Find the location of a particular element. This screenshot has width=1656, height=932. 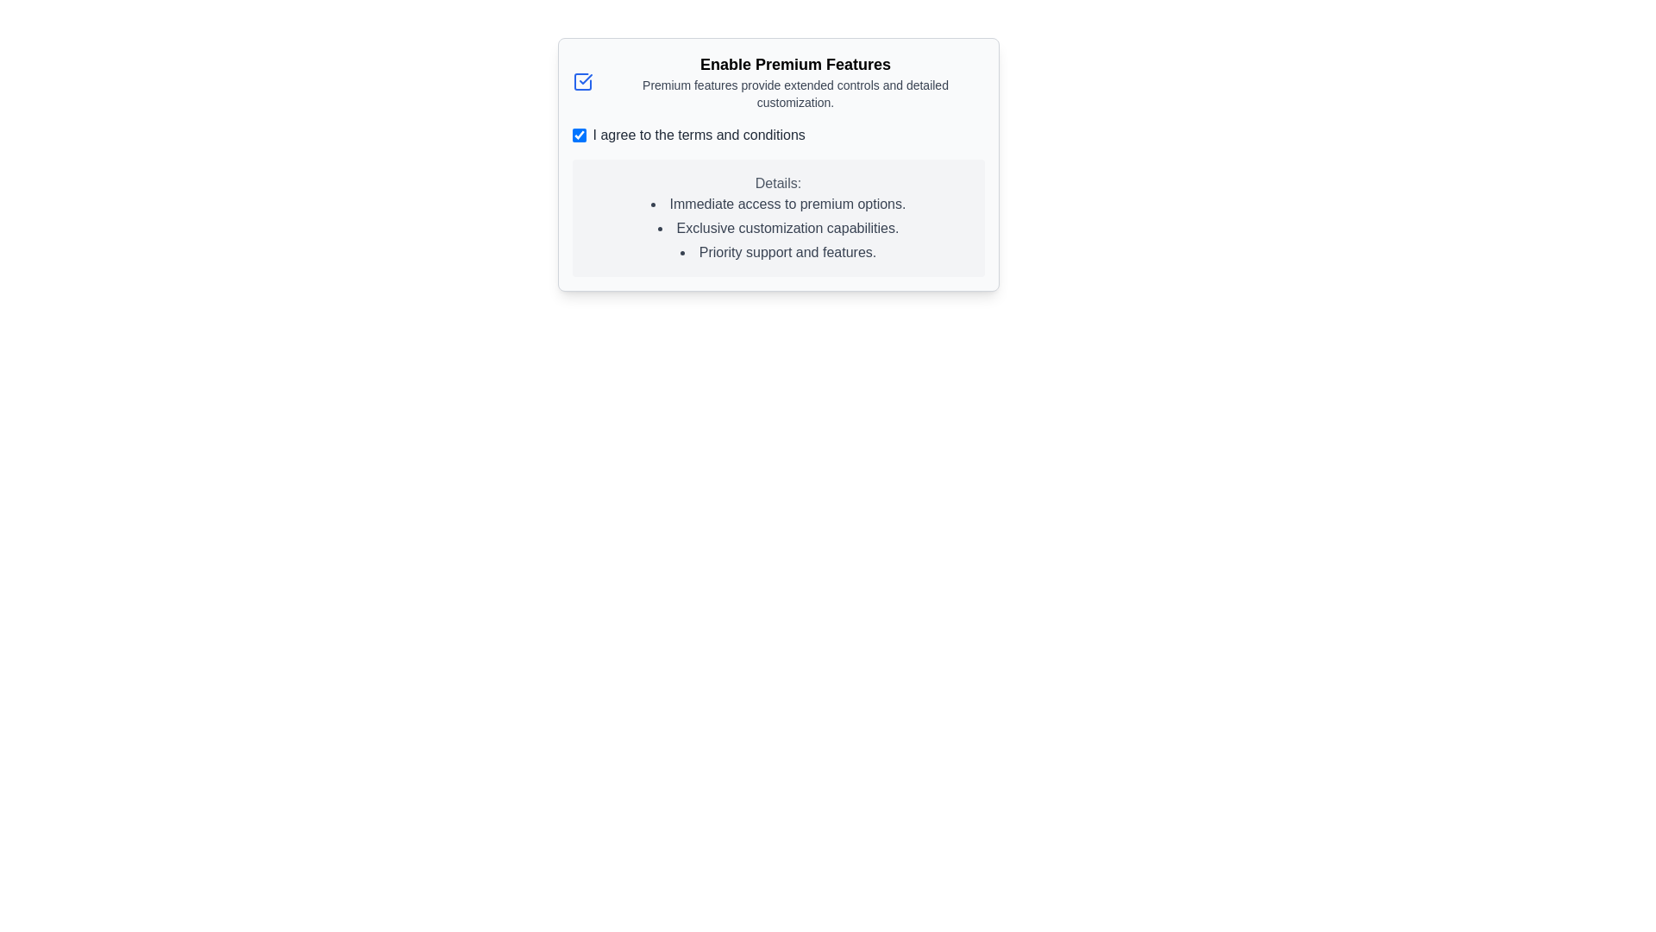

the toggle checkbox located at the top-left corner of the 'Enable Premium Features' section is located at coordinates (582, 82).